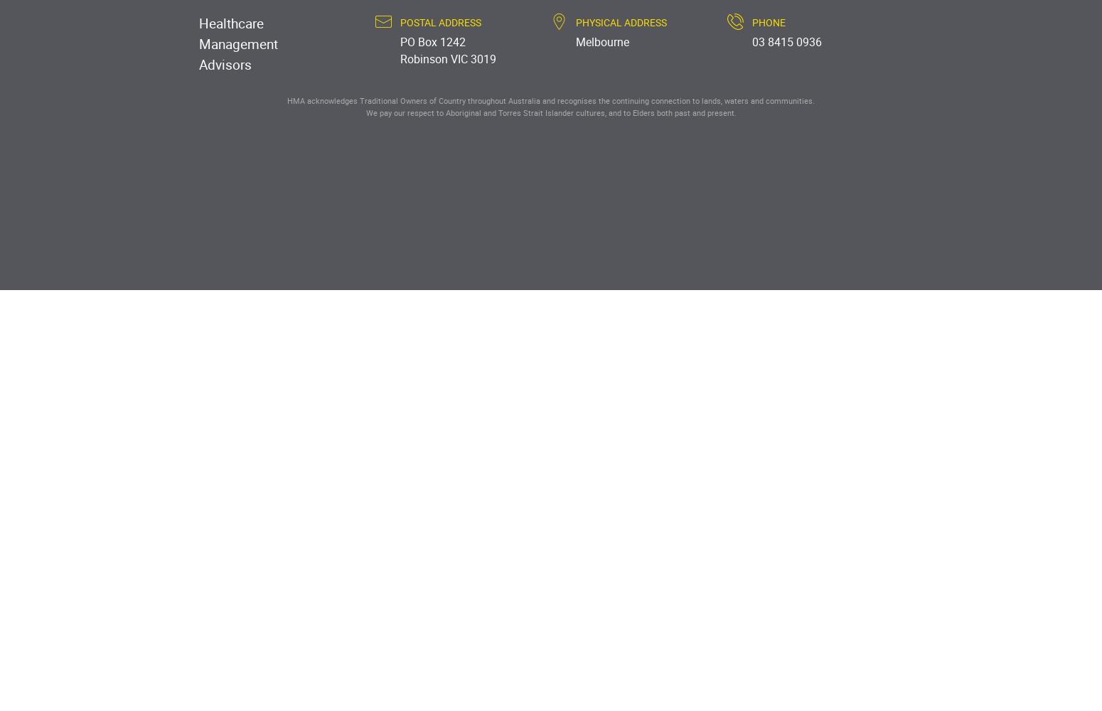 This screenshot has width=1102, height=711. I want to click on 'Phone', so click(768, 21).